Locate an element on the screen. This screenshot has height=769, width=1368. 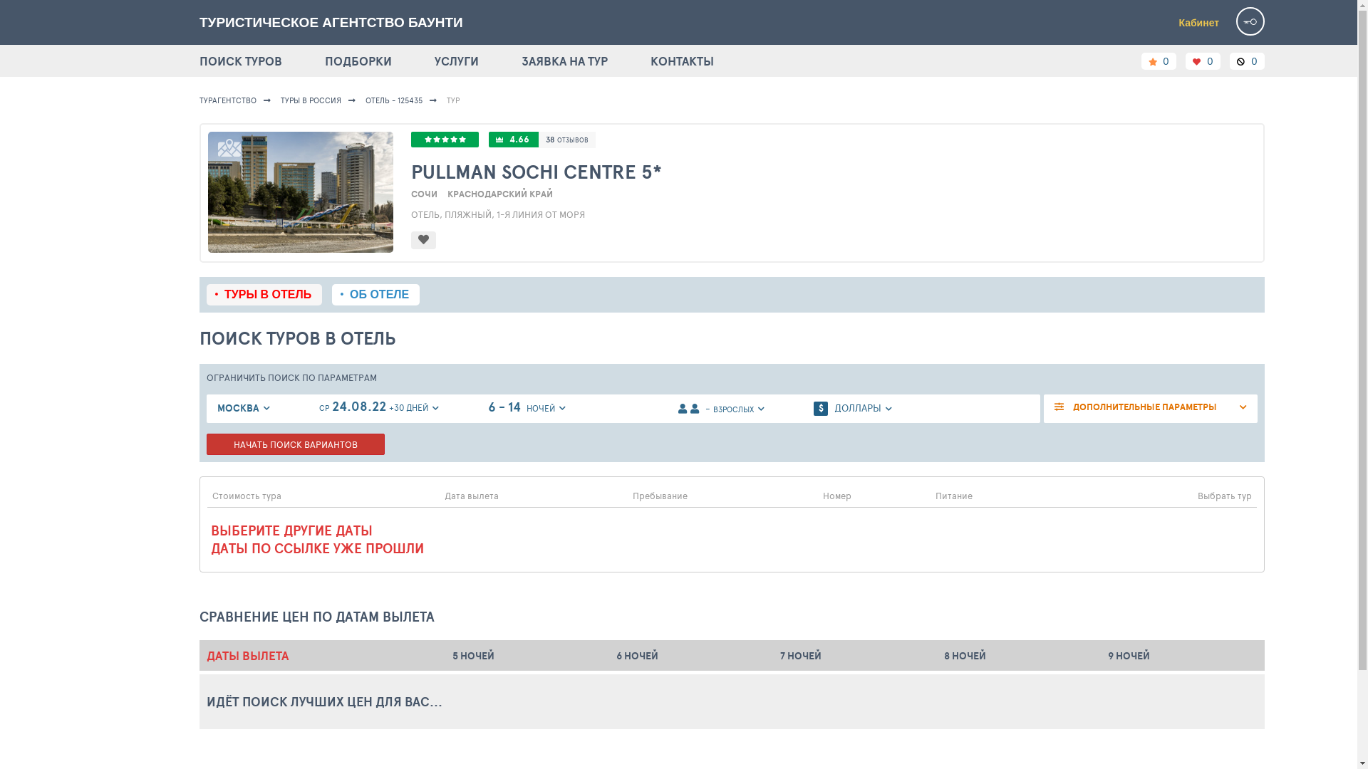
'0' is located at coordinates (1159, 60).